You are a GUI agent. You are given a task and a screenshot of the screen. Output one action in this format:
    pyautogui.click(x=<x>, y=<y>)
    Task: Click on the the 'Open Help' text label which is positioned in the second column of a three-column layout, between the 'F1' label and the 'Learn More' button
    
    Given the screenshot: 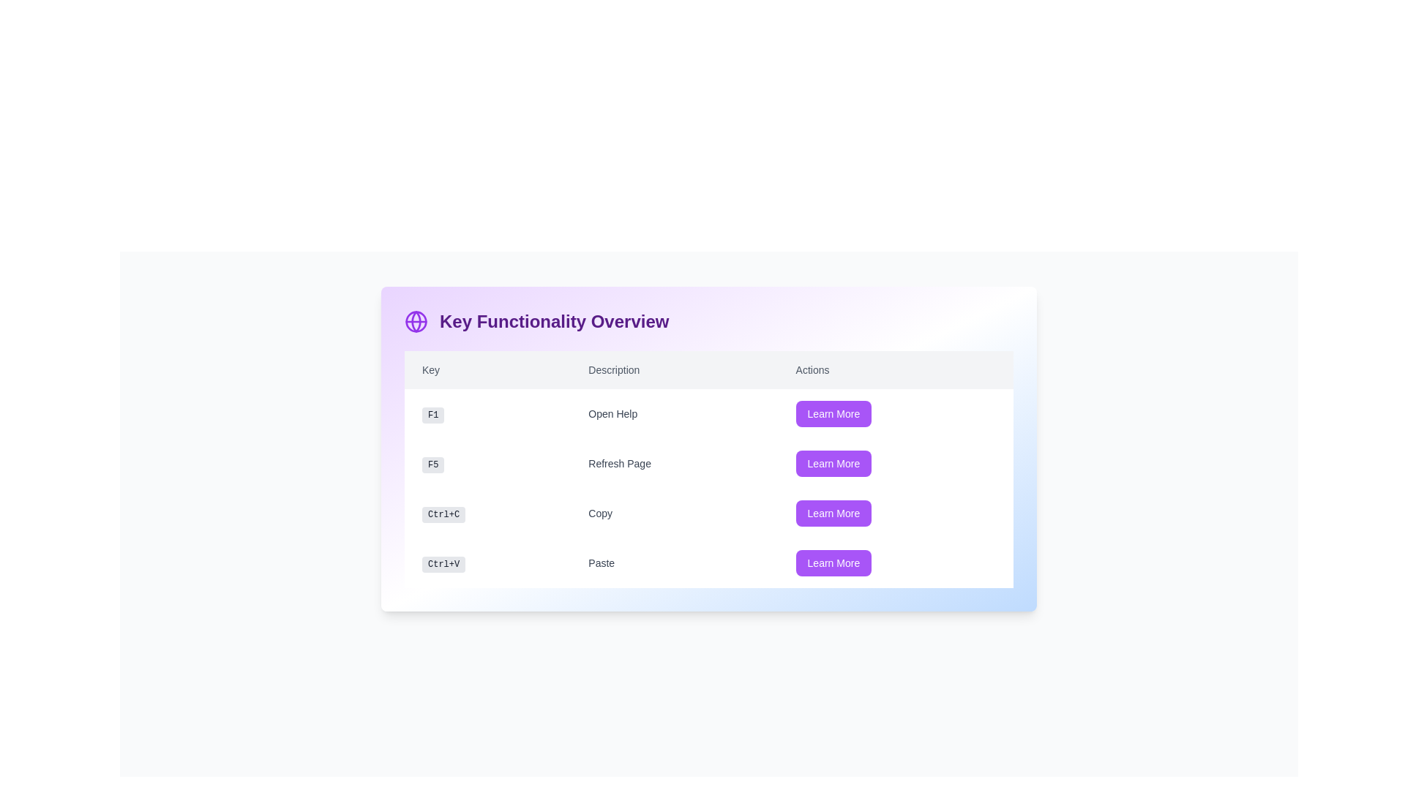 What is the action you would take?
    pyautogui.click(x=673, y=414)
    